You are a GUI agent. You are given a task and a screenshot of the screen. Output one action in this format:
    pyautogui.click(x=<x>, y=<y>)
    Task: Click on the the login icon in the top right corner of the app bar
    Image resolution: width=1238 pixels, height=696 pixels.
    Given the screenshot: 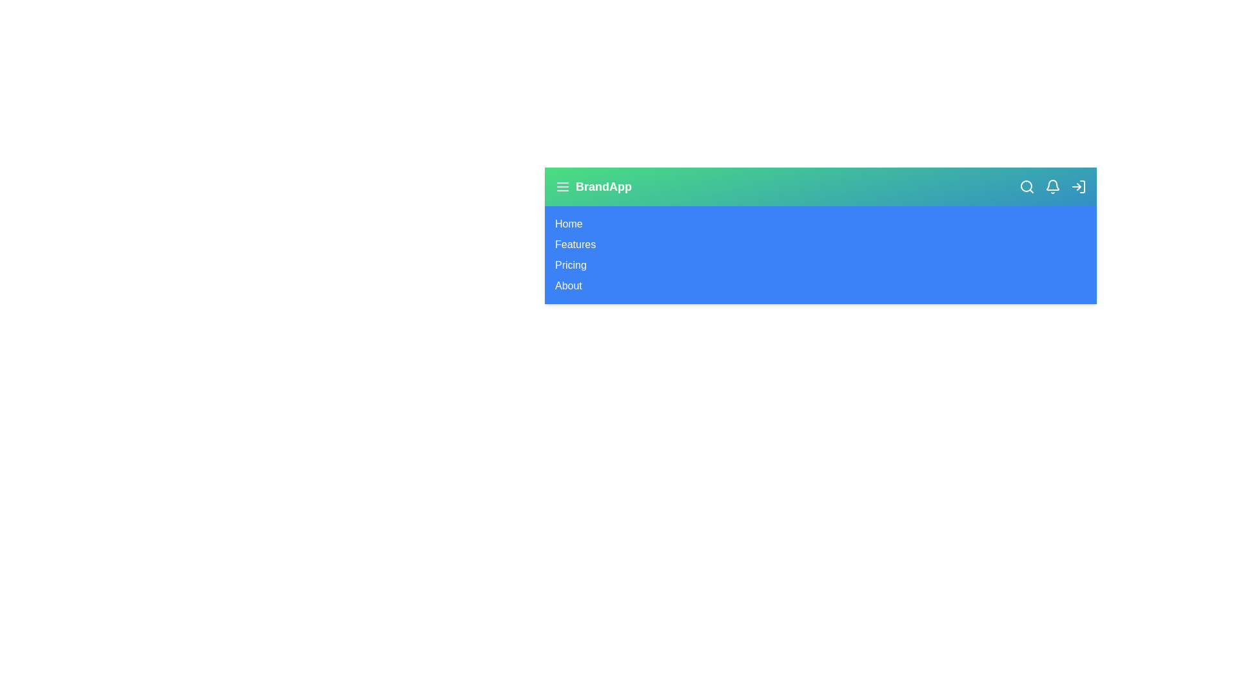 What is the action you would take?
    pyautogui.click(x=1079, y=186)
    